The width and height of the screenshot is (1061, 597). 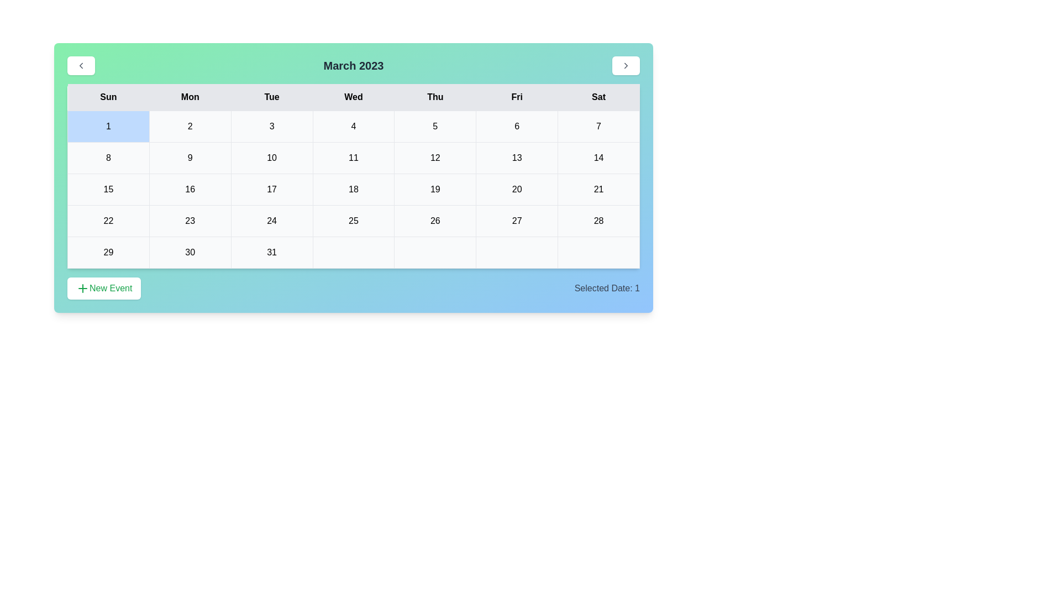 I want to click on the cell representing the date 15 in the calendar, so click(x=108, y=189).